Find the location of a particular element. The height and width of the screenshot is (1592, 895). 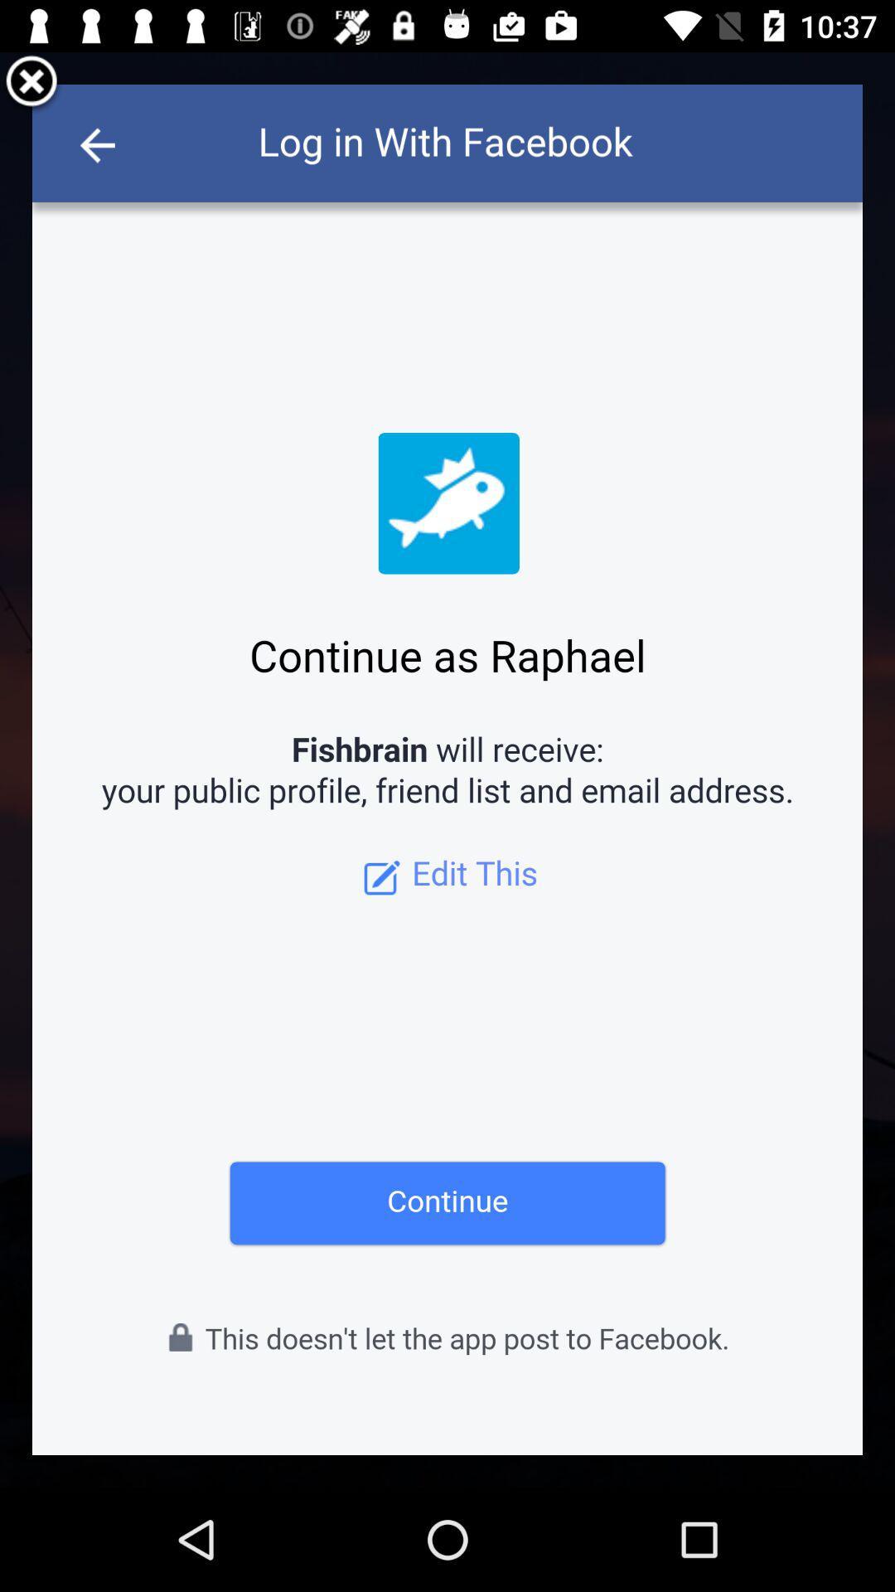

icon botton is located at coordinates (31, 83).